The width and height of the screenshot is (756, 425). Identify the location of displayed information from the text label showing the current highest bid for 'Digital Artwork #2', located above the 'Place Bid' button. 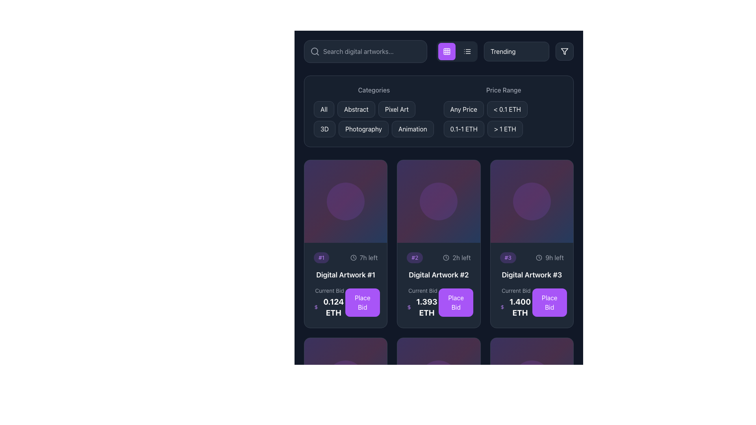
(422, 302).